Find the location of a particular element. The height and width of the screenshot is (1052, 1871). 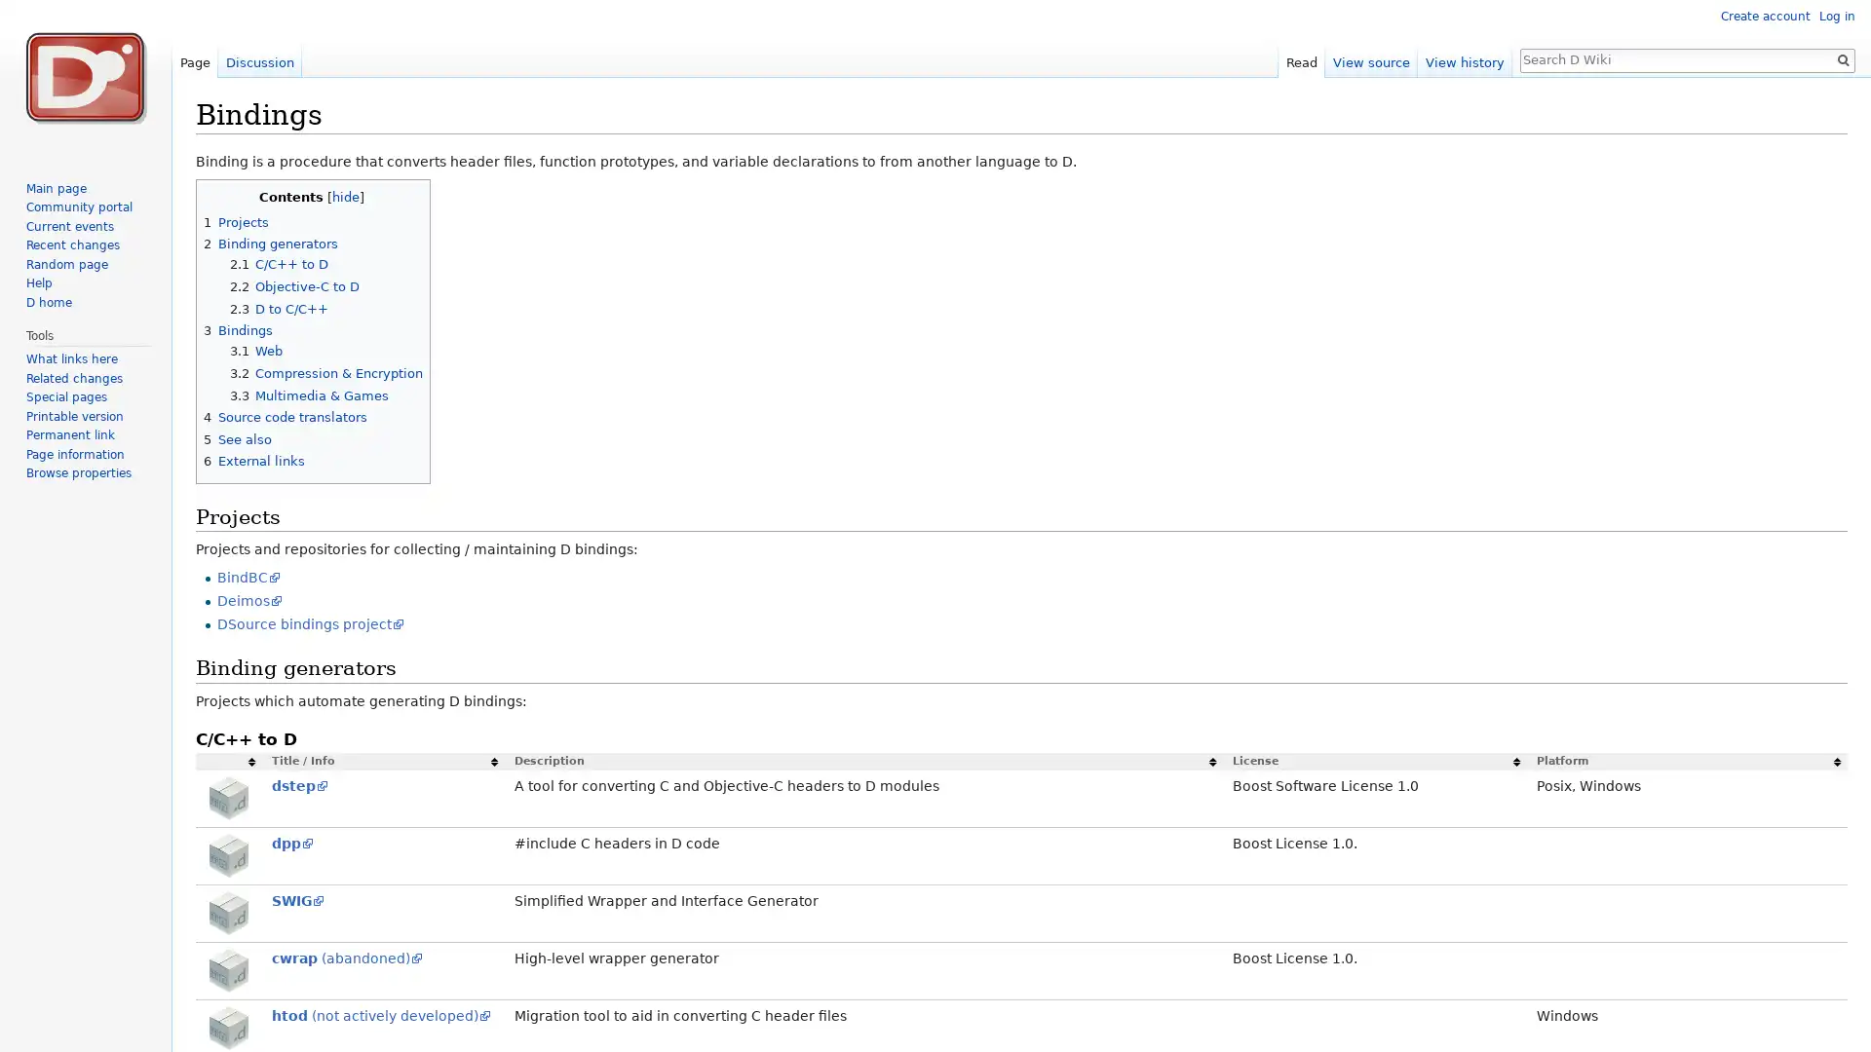

Go is located at coordinates (1842, 58).